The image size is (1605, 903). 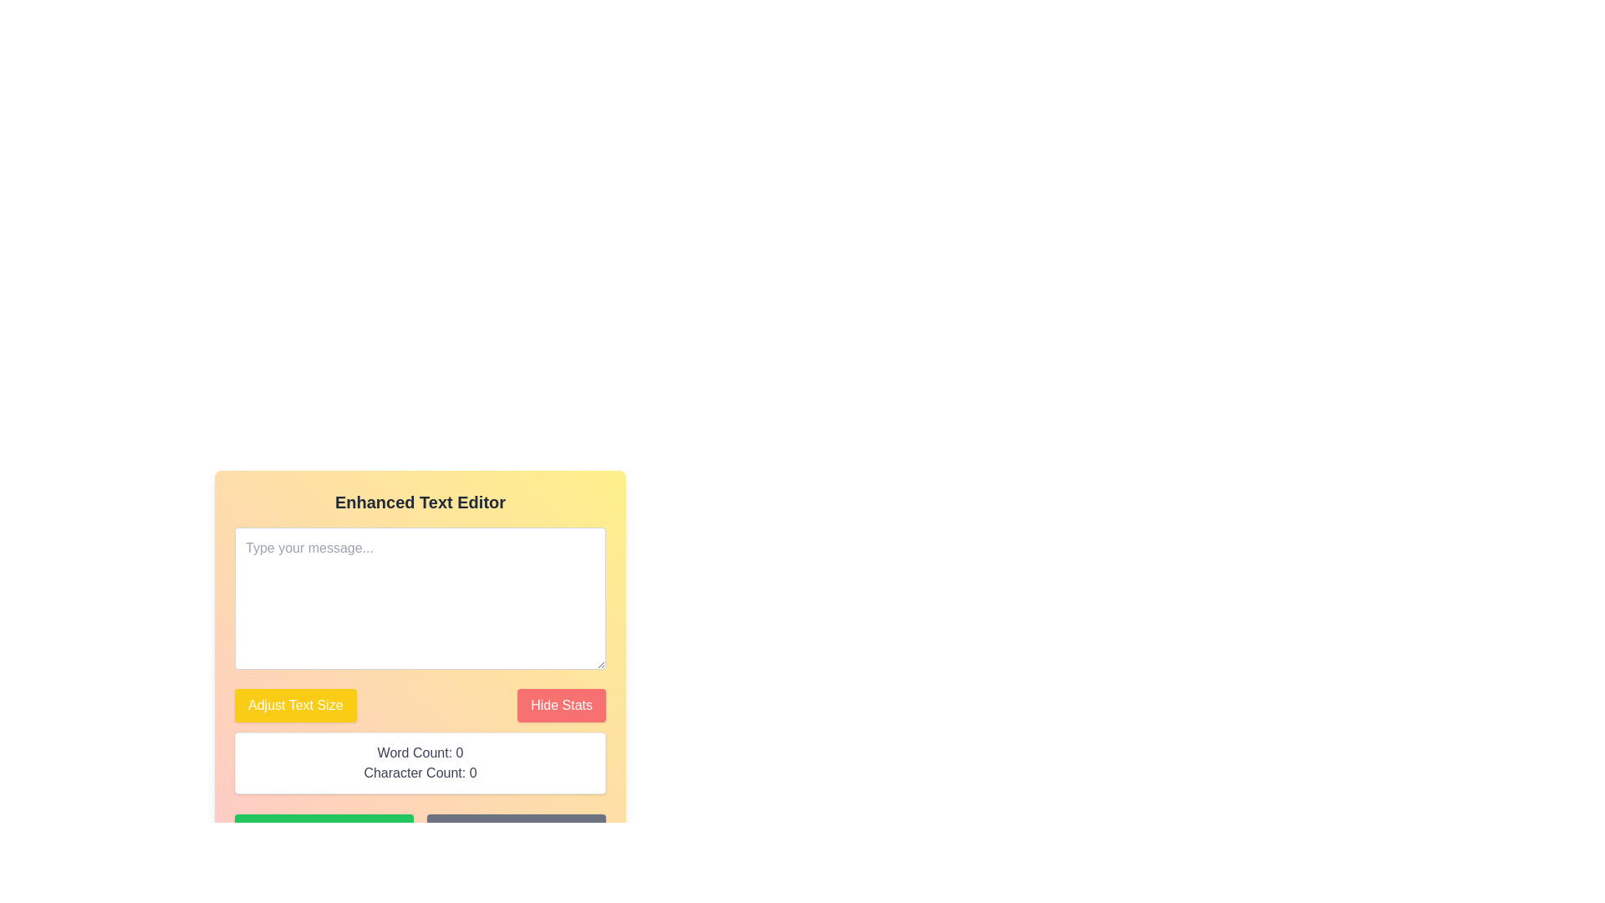 I want to click on the button in the 'Enhanced Text Editor' section that adjusts text size, so click(x=295, y=706).